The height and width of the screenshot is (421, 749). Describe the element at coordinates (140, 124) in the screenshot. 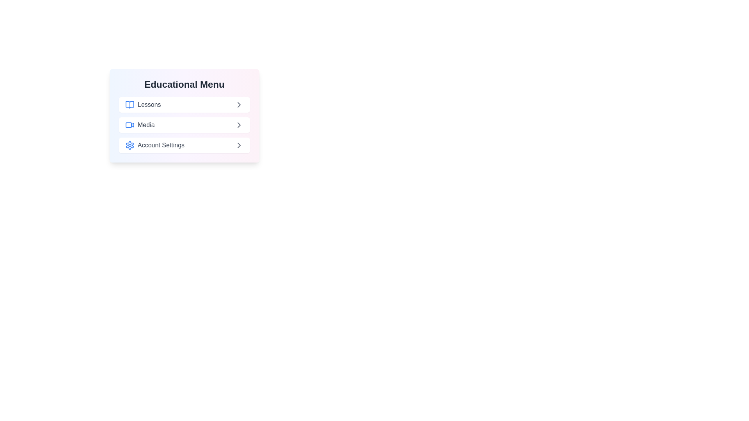

I see `the 'Media' menu option, which is the second item in the vertical list of the 'Educational Menu'` at that location.